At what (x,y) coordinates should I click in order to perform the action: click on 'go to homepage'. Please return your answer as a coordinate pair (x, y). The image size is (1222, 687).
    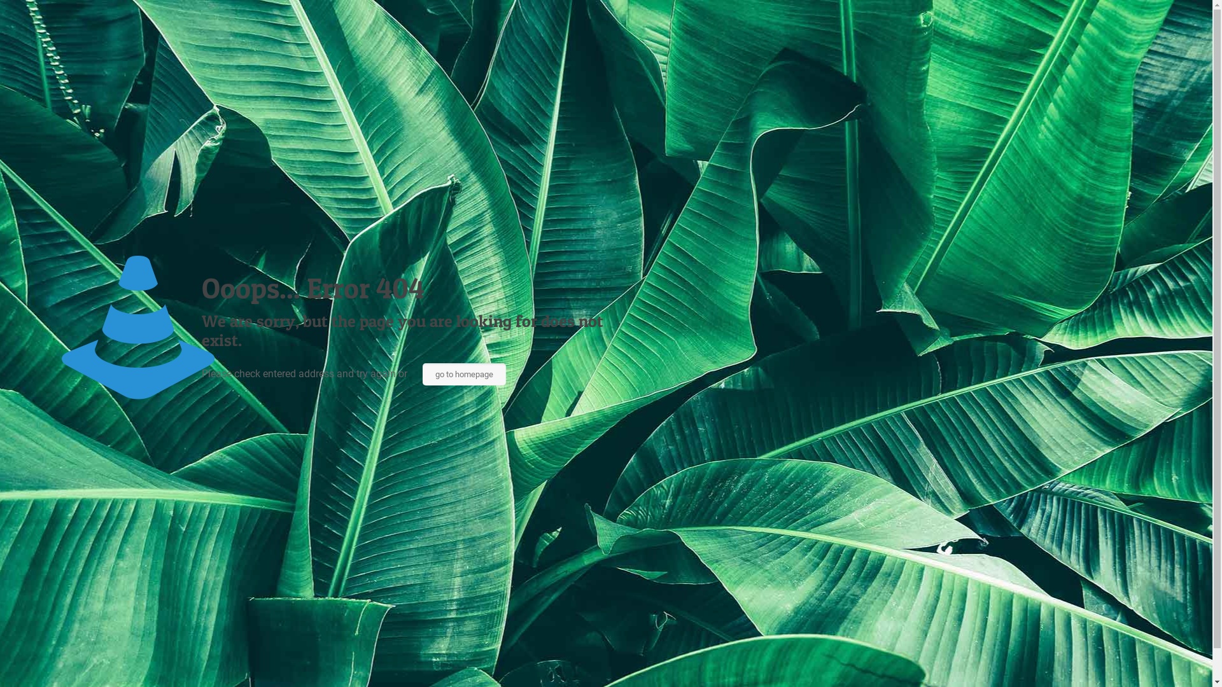
    Looking at the image, I should click on (463, 373).